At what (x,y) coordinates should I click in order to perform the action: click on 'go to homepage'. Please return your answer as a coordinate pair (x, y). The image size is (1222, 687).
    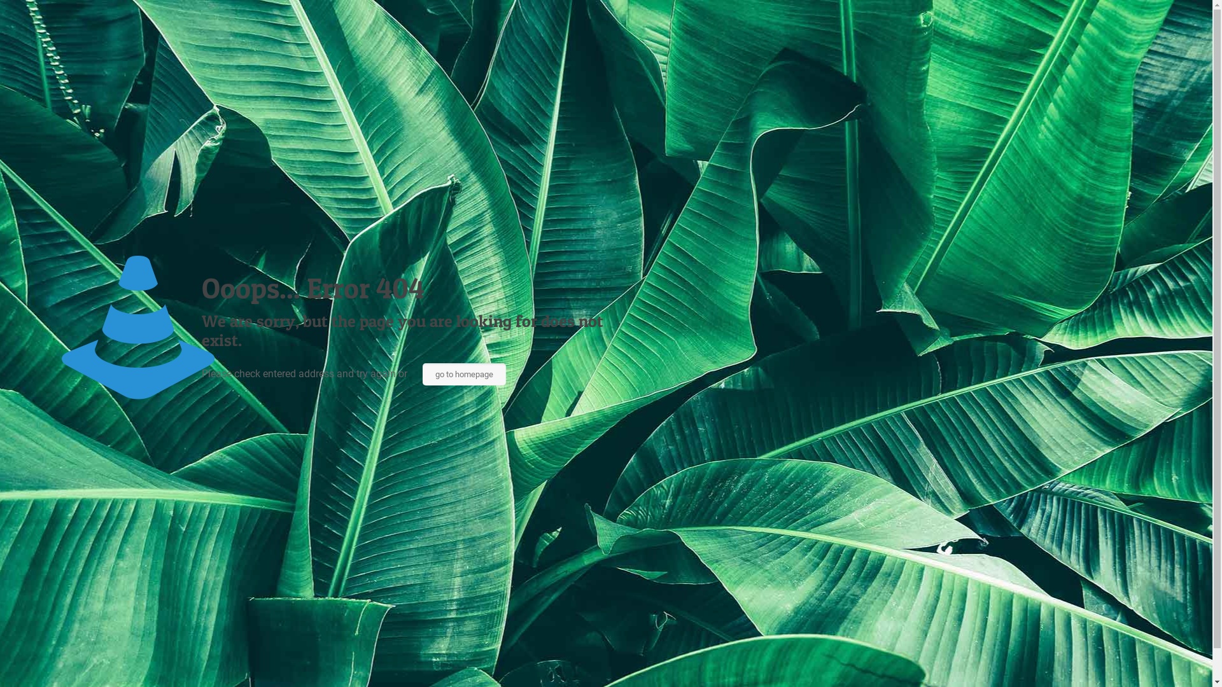
    Looking at the image, I should click on (463, 373).